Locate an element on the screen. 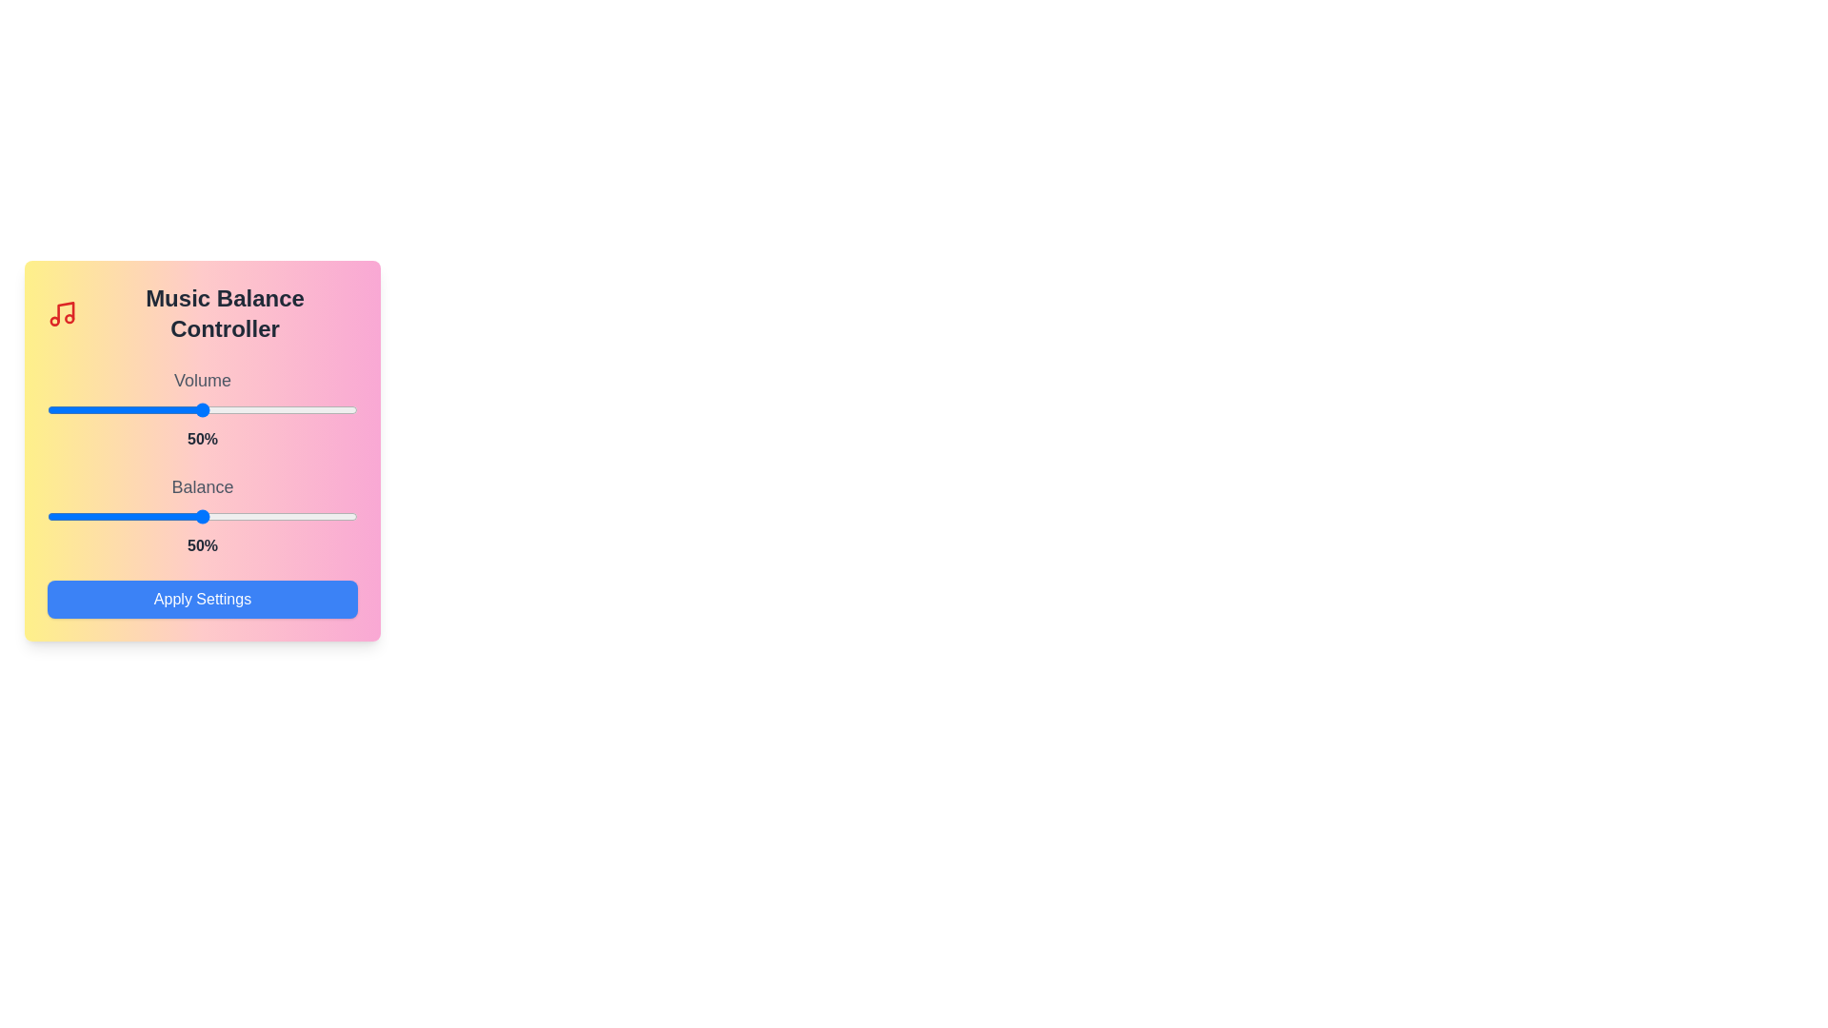 The width and height of the screenshot is (1828, 1028). the volume slider to set the volume to 84% is located at coordinates (308, 409).